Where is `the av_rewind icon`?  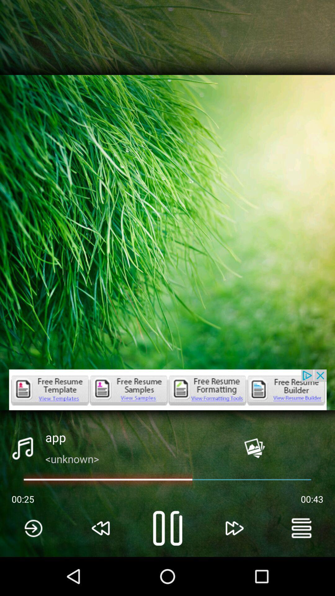 the av_rewind icon is located at coordinates (100, 528).